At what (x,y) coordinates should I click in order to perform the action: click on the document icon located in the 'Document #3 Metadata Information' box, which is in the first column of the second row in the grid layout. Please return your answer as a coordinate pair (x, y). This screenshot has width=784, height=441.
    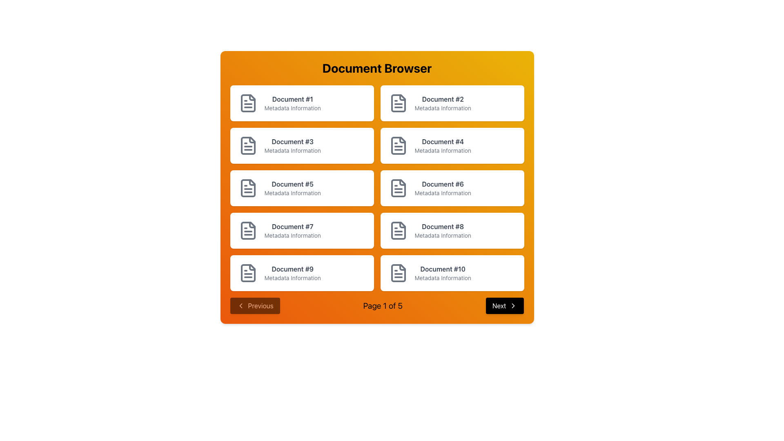
    Looking at the image, I should click on (247, 145).